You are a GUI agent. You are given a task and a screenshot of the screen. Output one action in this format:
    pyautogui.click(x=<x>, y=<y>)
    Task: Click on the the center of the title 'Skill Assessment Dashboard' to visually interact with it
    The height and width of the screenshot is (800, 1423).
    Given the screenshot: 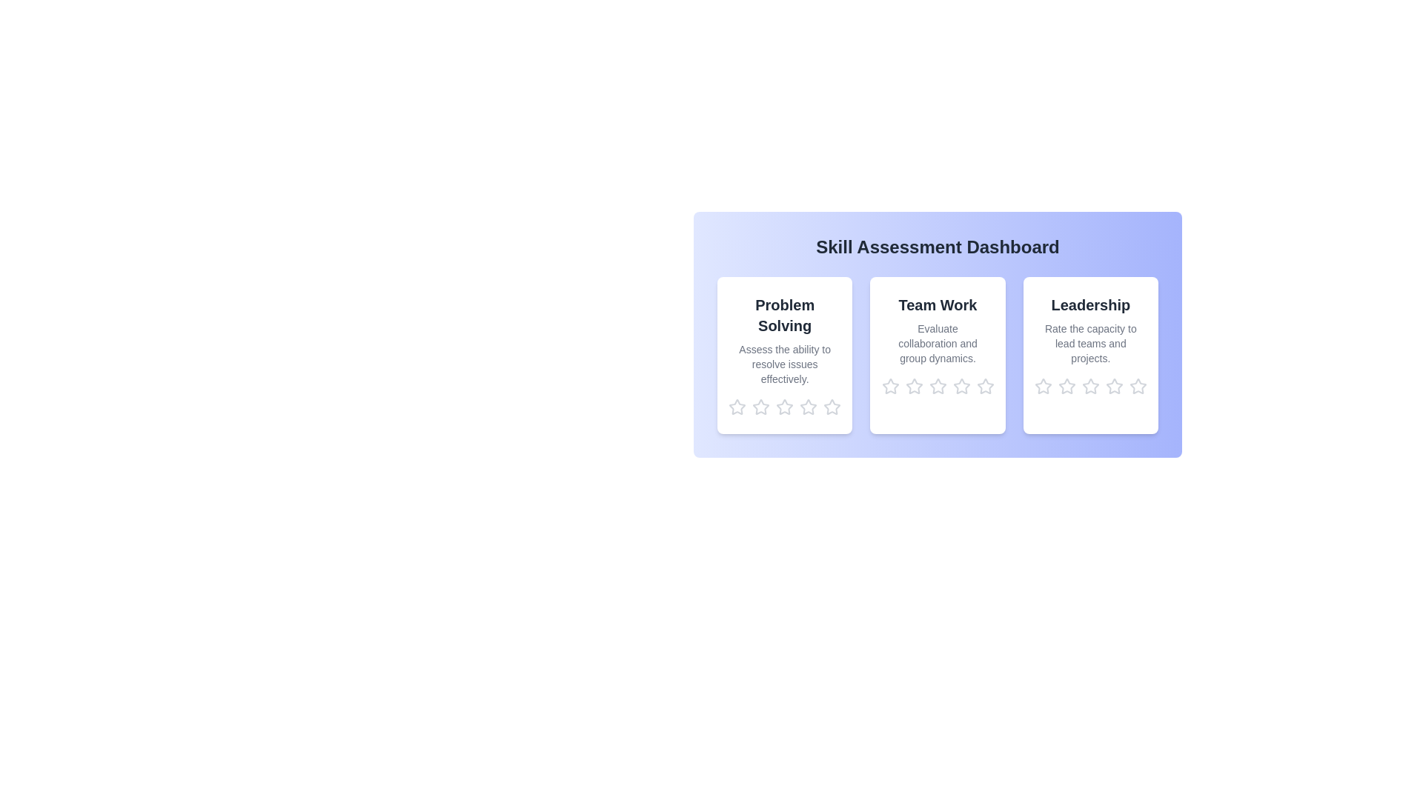 What is the action you would take?
    pyautogui.click(x=937, y=247)
    